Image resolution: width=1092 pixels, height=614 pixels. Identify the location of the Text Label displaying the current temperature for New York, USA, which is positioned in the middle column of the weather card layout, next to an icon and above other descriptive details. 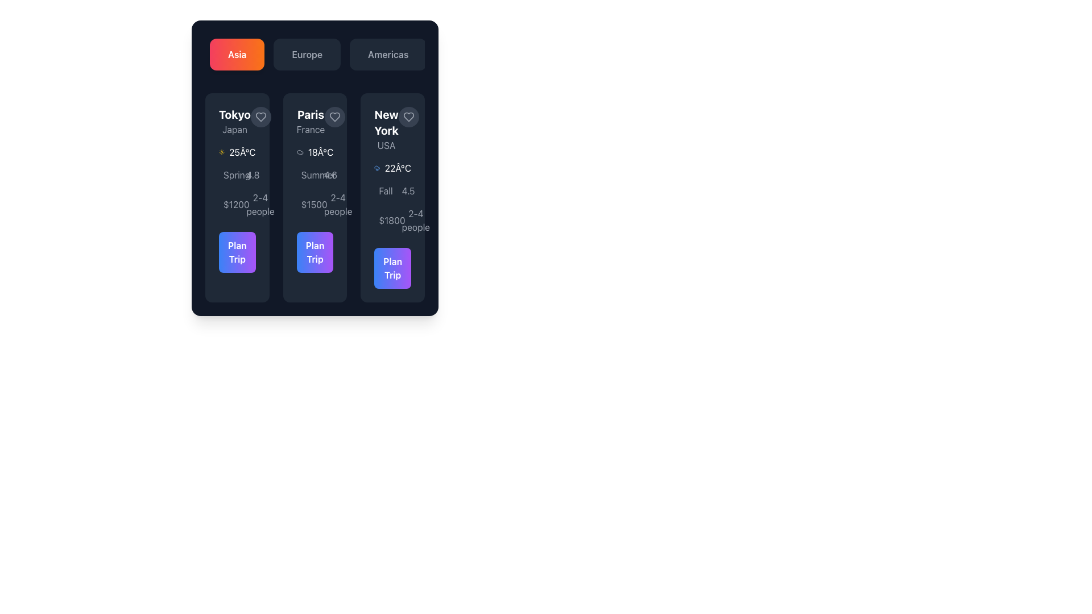
(398, 168).